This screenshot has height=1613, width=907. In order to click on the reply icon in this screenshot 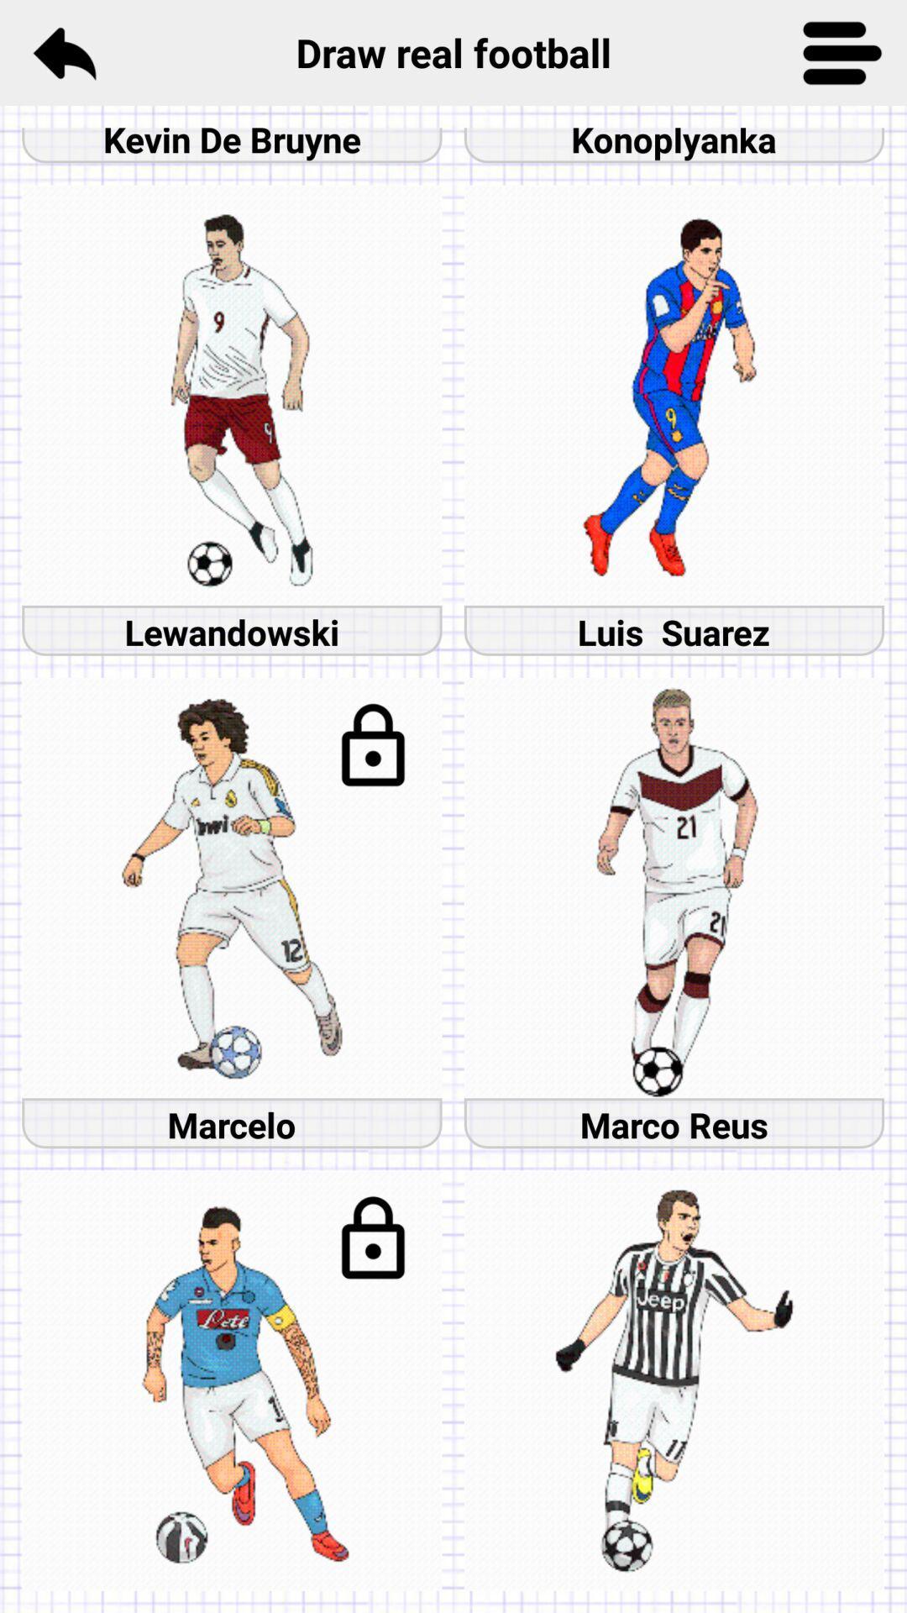, I will do `click(63, 52)`.